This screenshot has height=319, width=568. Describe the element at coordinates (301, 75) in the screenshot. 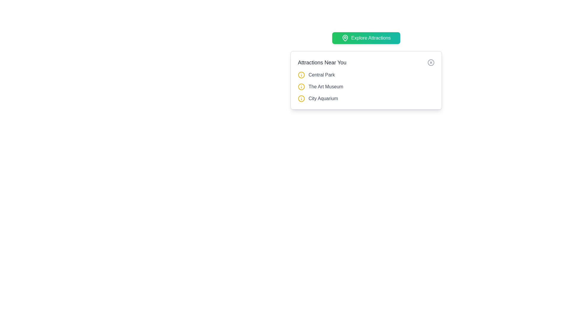

I see `the information icon located to the left of the 'Central Park' text in the 'Attractions Near You' section` at that location.